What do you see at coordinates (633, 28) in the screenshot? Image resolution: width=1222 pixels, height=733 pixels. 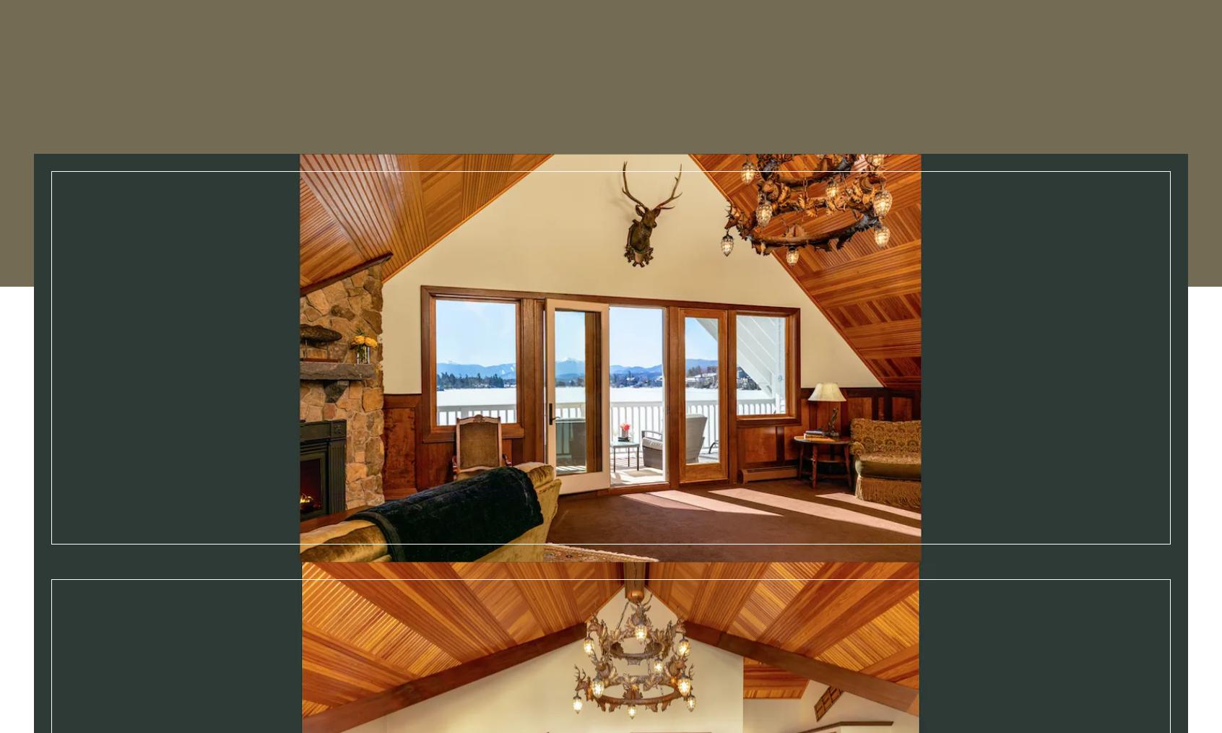 I see `'Experiences'` at bounding box center [633, 28].